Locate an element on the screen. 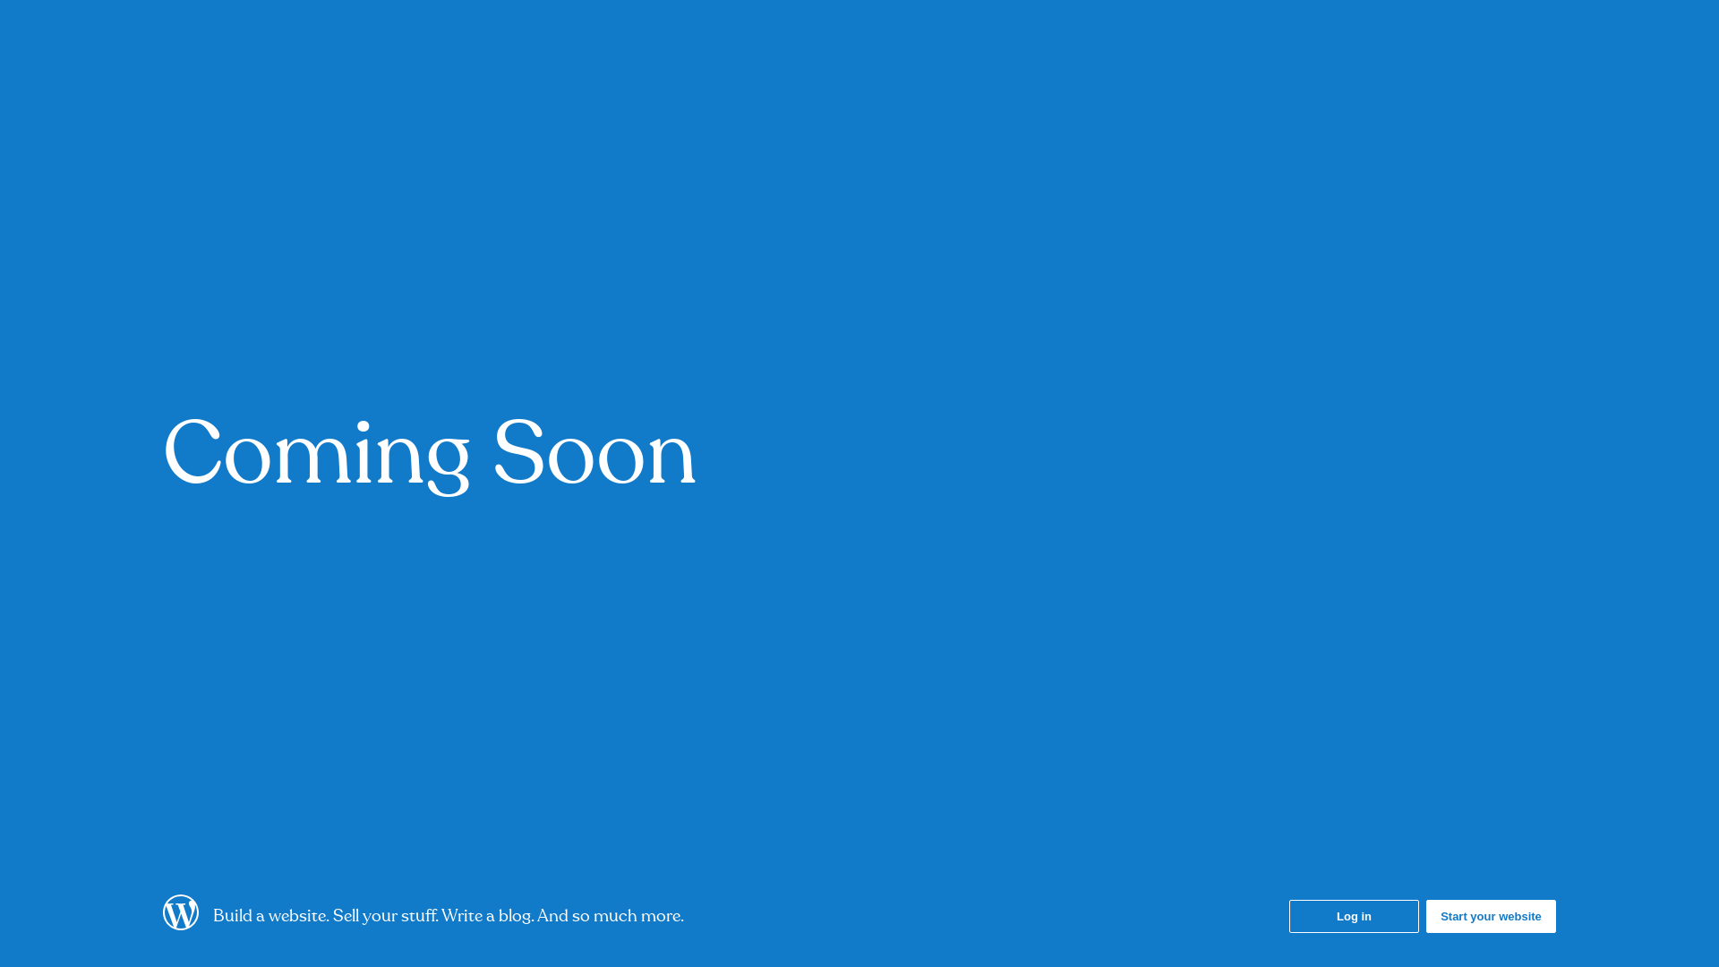  'Start your website' is located at coordinates (1491, 916).